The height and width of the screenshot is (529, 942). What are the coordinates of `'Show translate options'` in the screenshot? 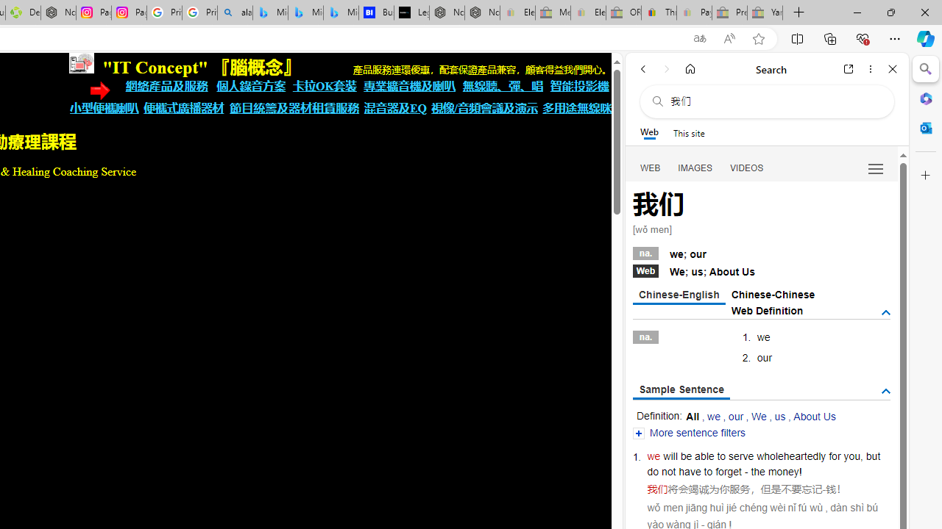 It's located at (699, 38).